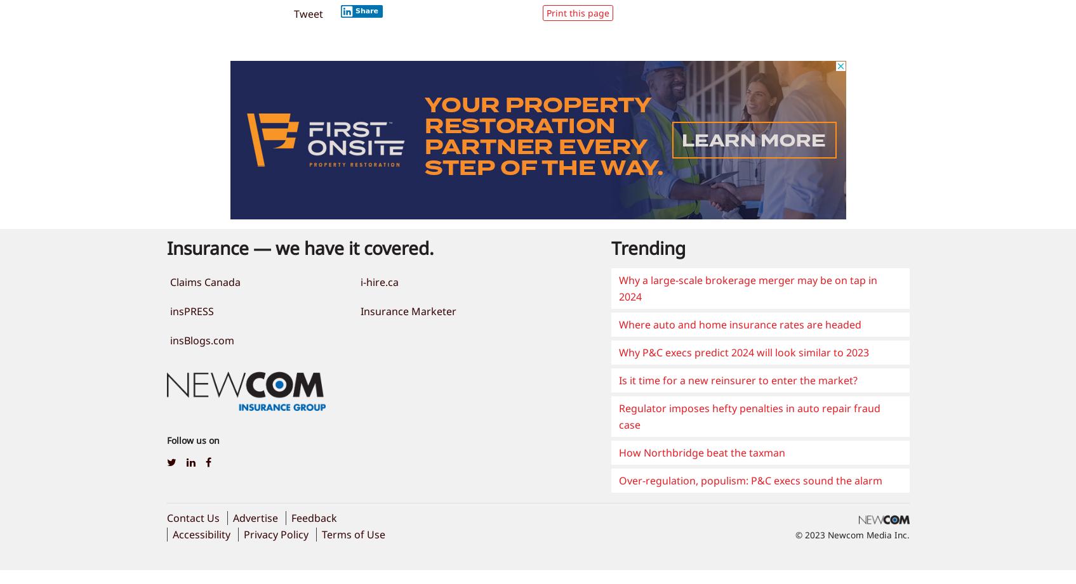 This screenshot has height=584, width=1076. What do you see at coordinates (275, 533) in the screenshot?
I see `'Privacy Policy'` at bounding box center [275, 533].